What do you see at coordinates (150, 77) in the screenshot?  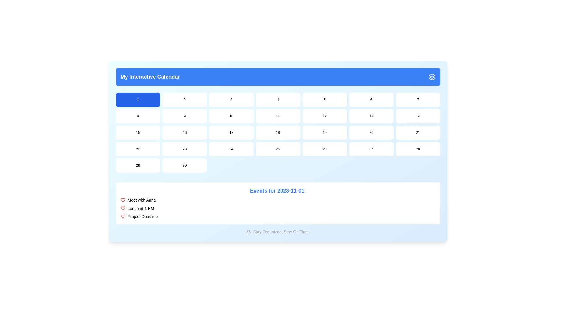 I see `the header text element that serves as a title, positioned at the left of the blue header bar` at bounding box center [150, 77].